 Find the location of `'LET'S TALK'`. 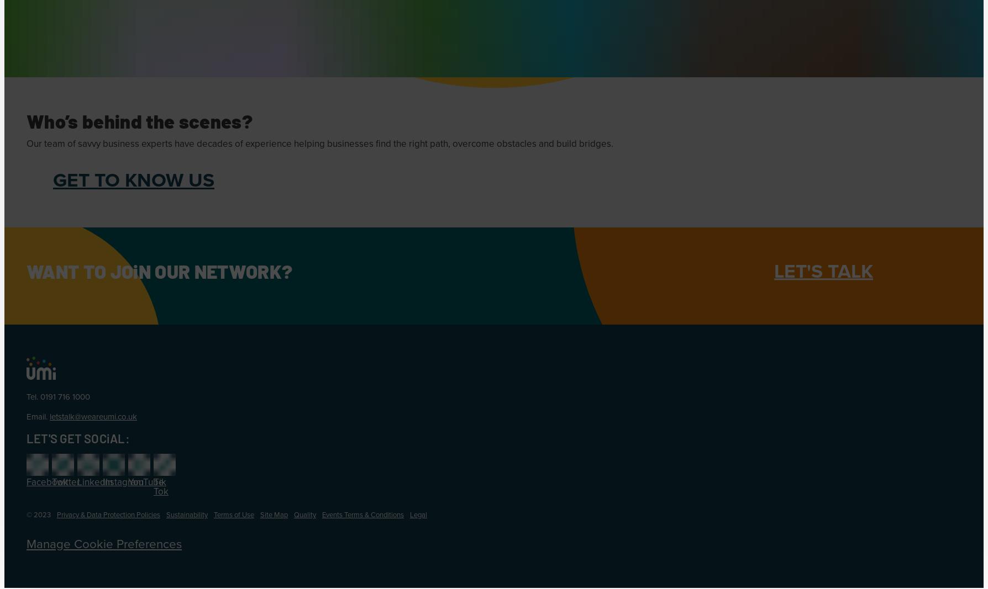

'LET'S TALK' is located at coordinates (823, 270).